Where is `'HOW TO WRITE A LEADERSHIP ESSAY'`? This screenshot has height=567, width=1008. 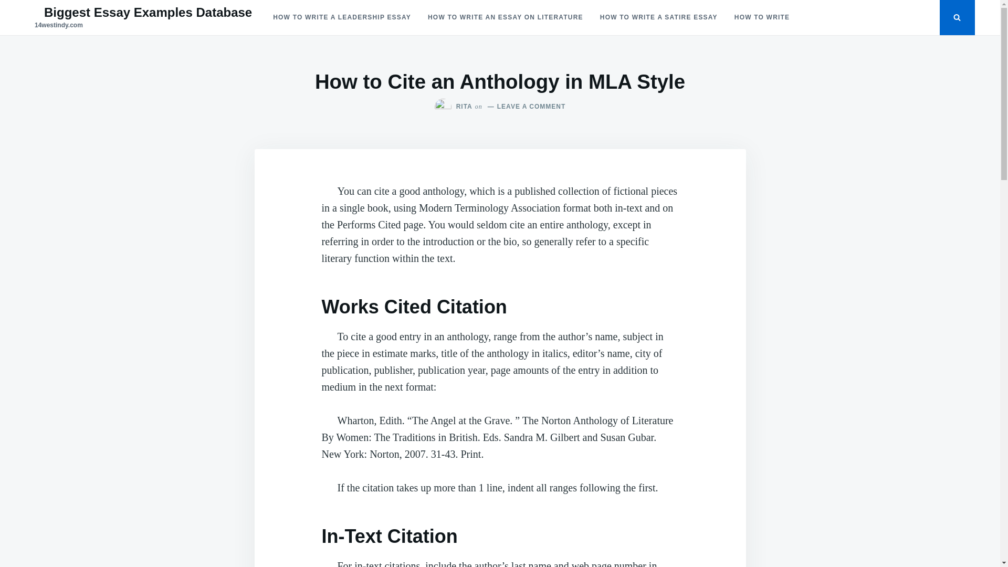 'HOW TO WRITE A LEADERSHIP ESSAY' is located at coordinates (342, 17).